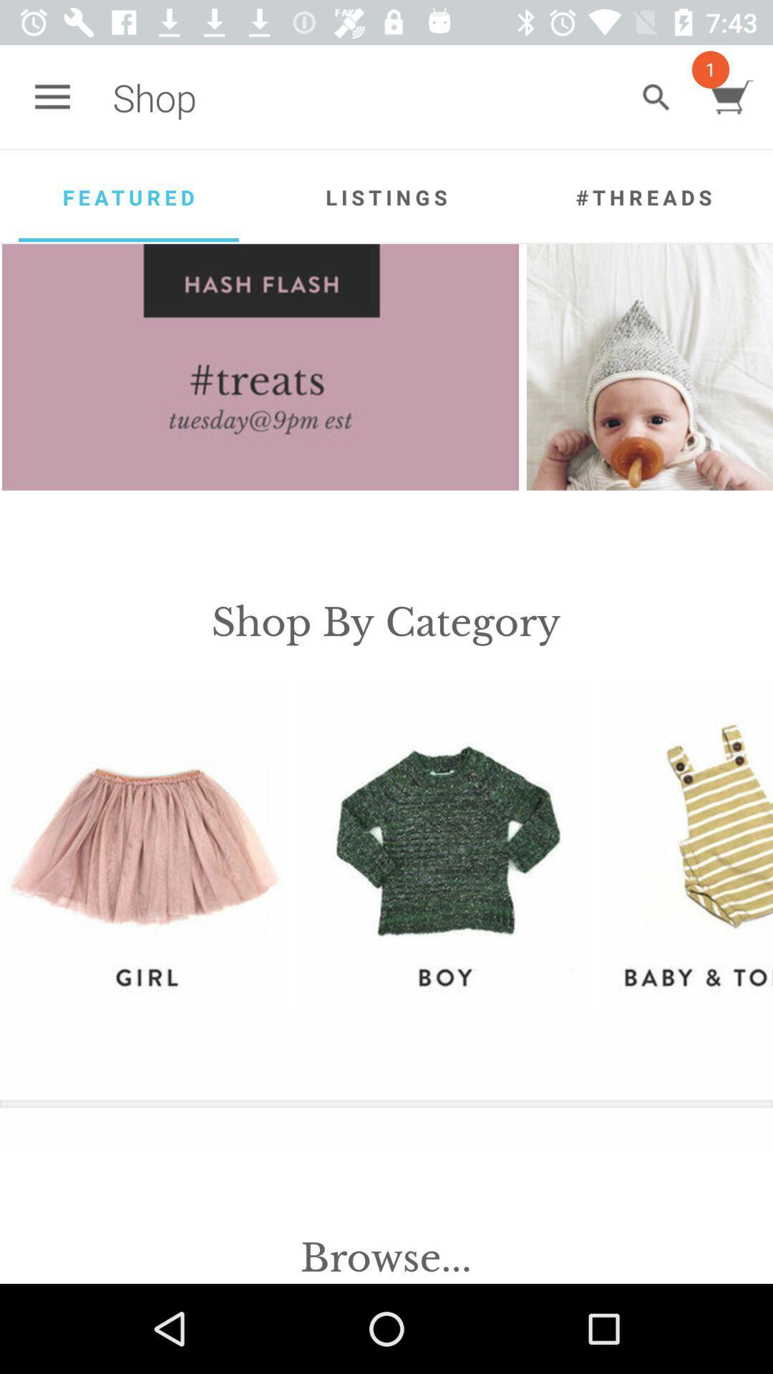 The width and height of the screenshot is (773, 1374). I want to click on dress, so click(686, 849).